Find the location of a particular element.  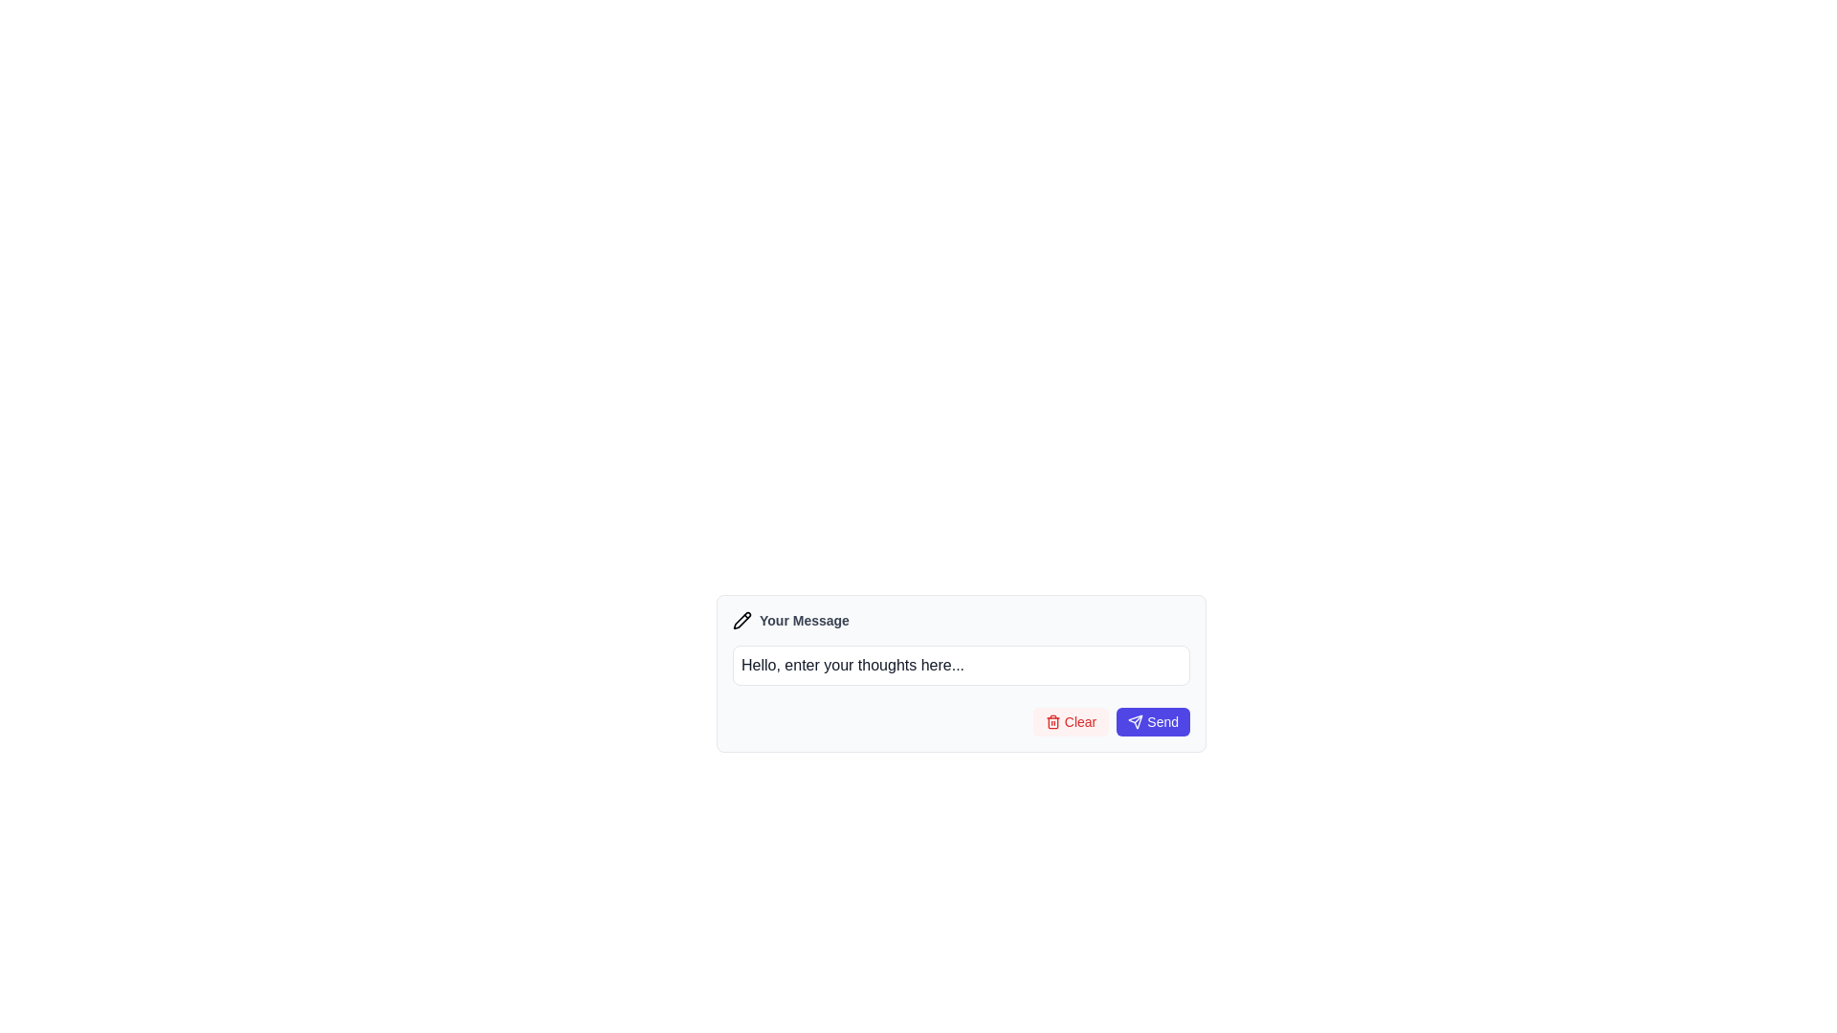

the clear/reset button located at the bottom of the component, positioned to the left of the 'Send' button with a purple background is located at coordinates (1070, 722).